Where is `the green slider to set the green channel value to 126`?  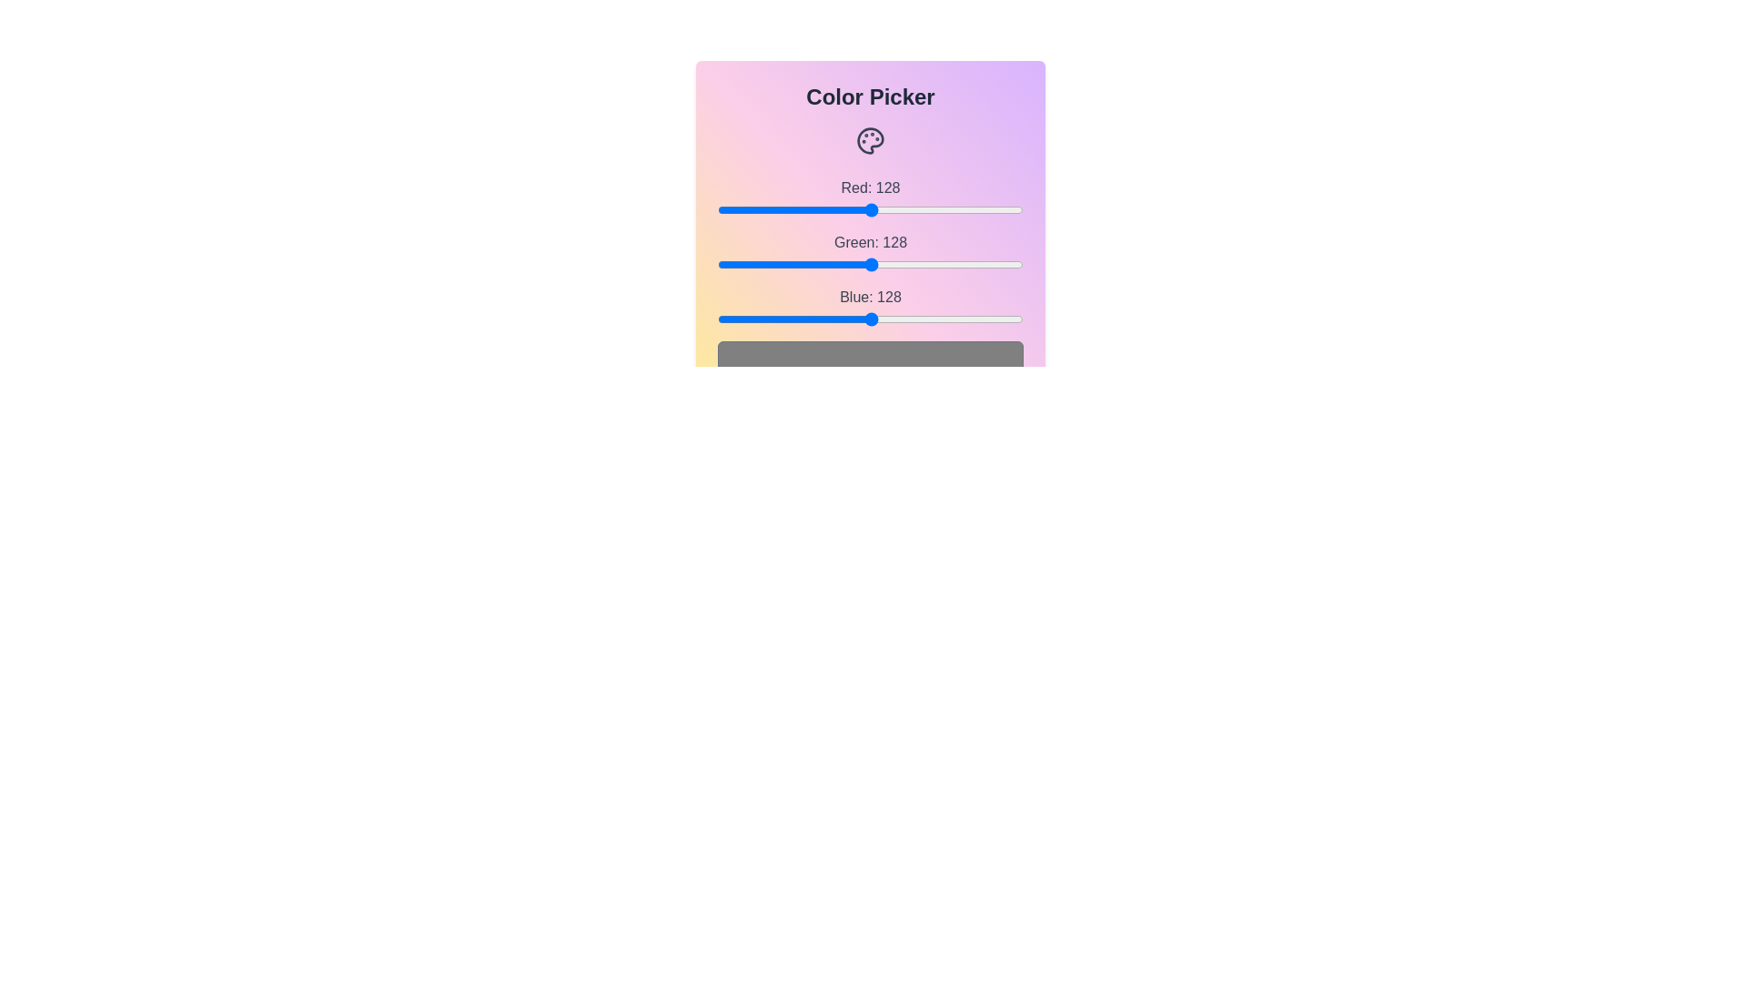 the green slider to set the green channel value to 126 is located at coordinates (868, 264).